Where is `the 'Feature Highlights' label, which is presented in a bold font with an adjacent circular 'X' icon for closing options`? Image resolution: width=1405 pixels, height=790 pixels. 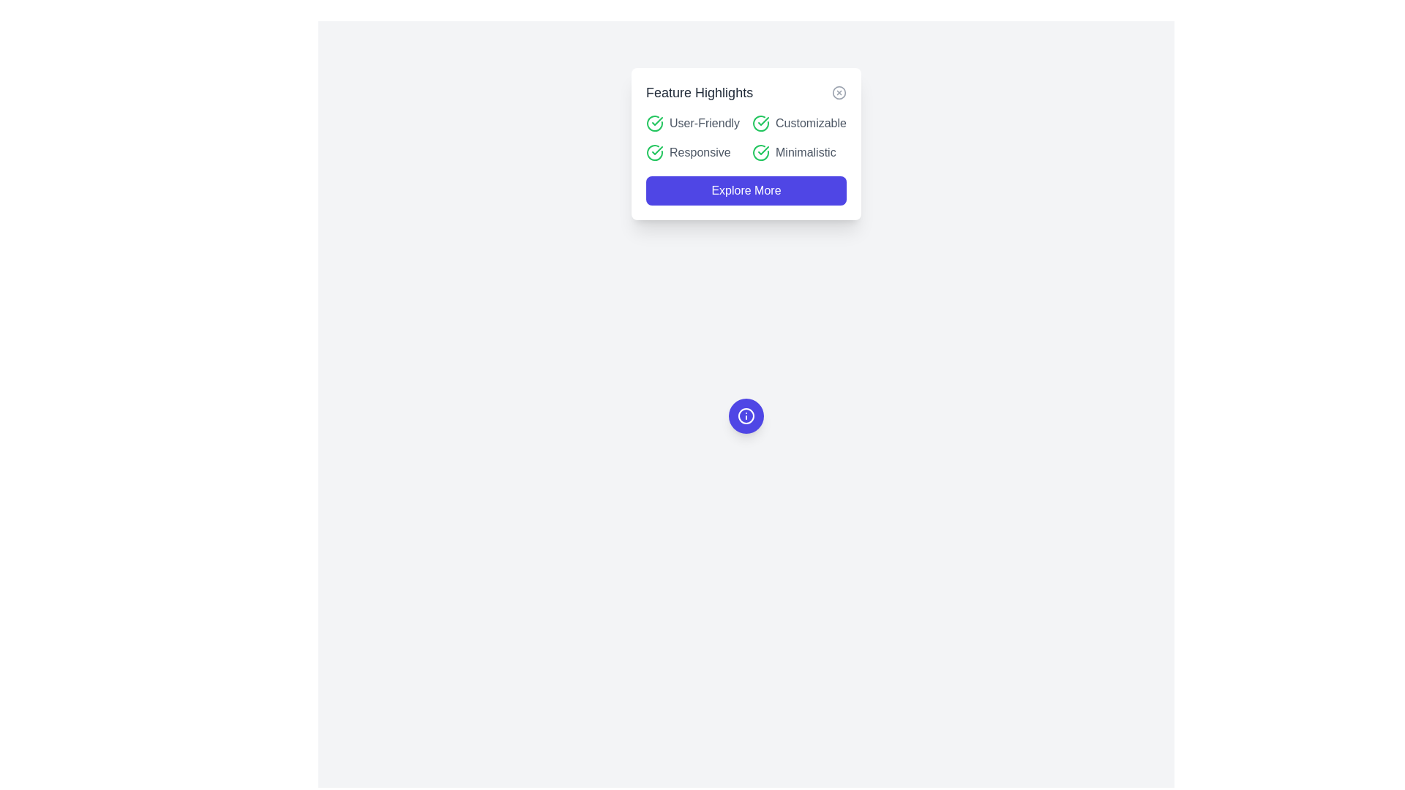
the 'Feature Highlights' label, which is presented in a bold font with an adjacent circular 'X' icon for closing options is located at coordinates (746, 93).